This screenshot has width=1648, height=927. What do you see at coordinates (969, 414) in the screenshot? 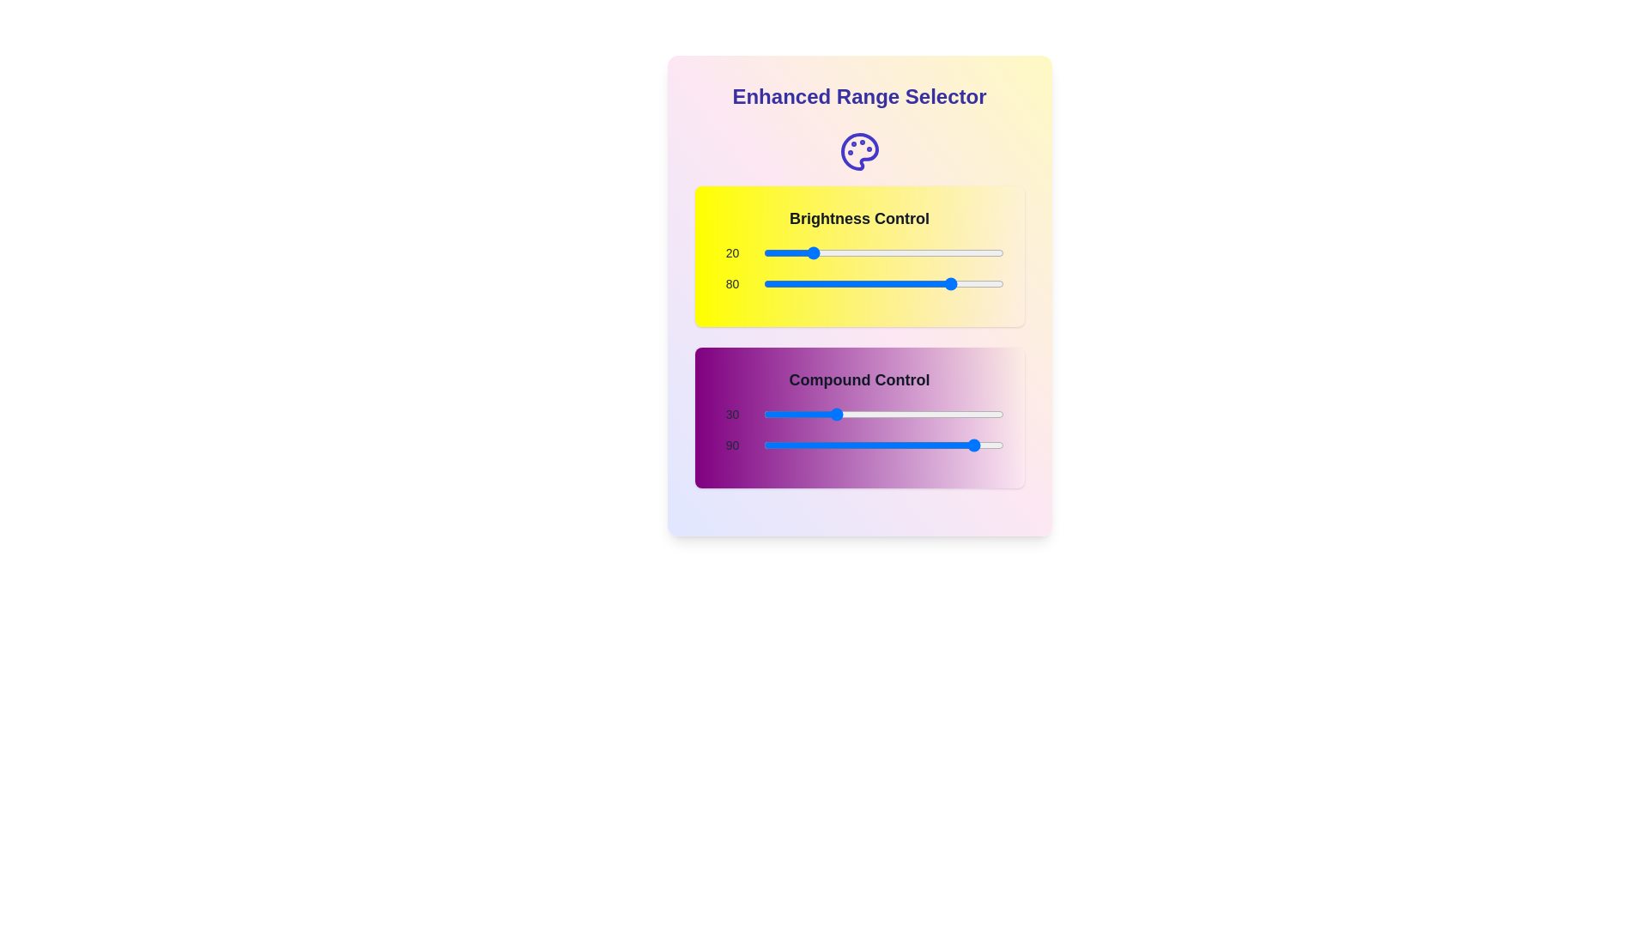
I see `the 'Compound Control' slider to 86 by dragging it to the corresponding position` at bounding box center [969, 414].